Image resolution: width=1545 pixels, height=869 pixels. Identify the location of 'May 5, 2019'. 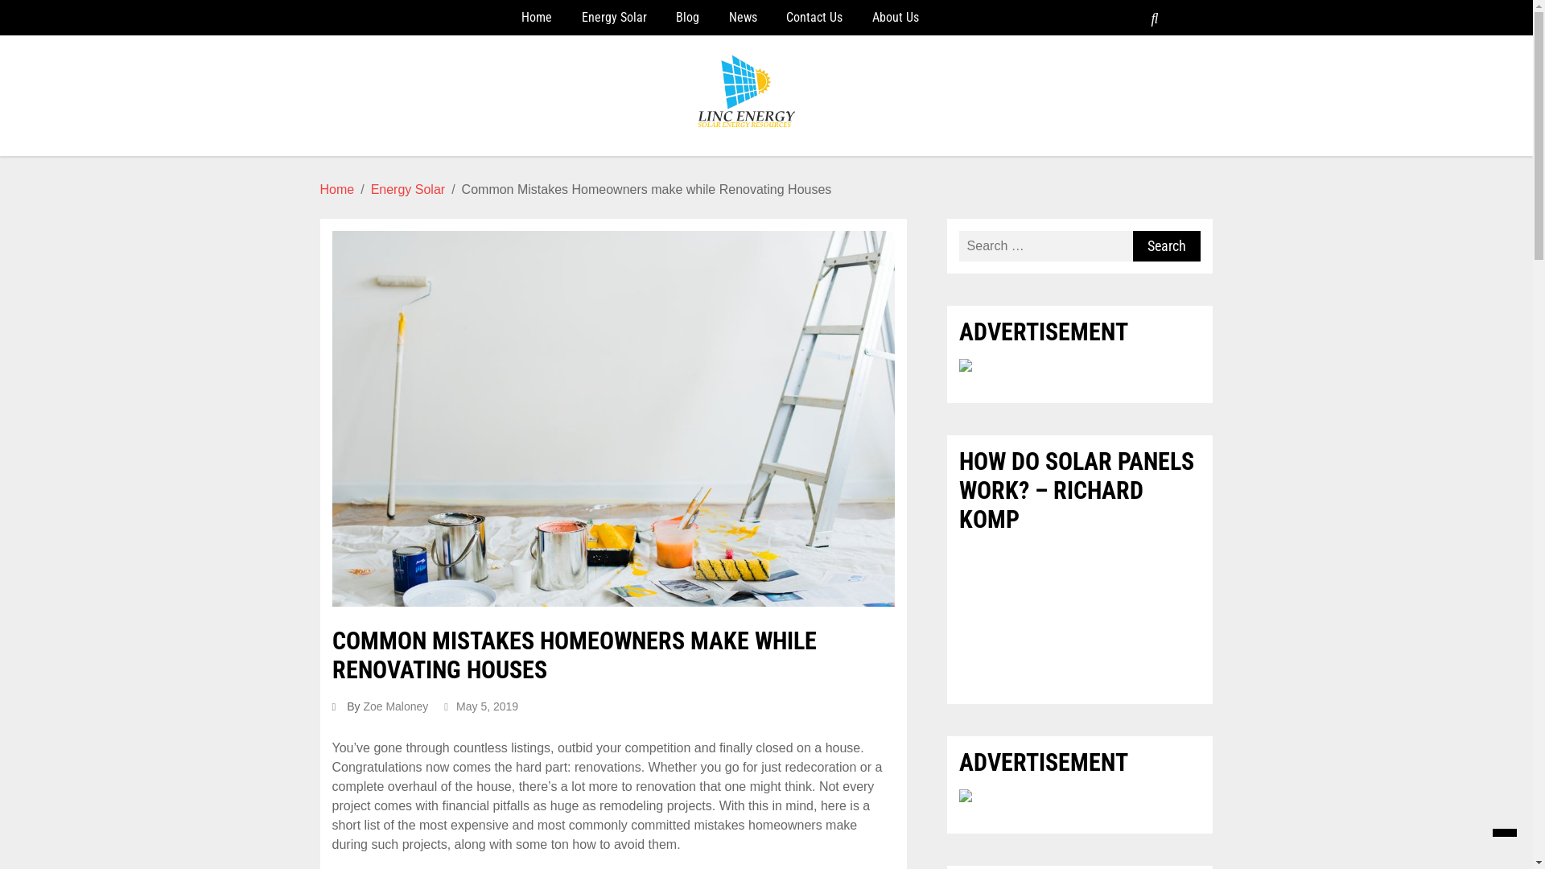
(480, 706).